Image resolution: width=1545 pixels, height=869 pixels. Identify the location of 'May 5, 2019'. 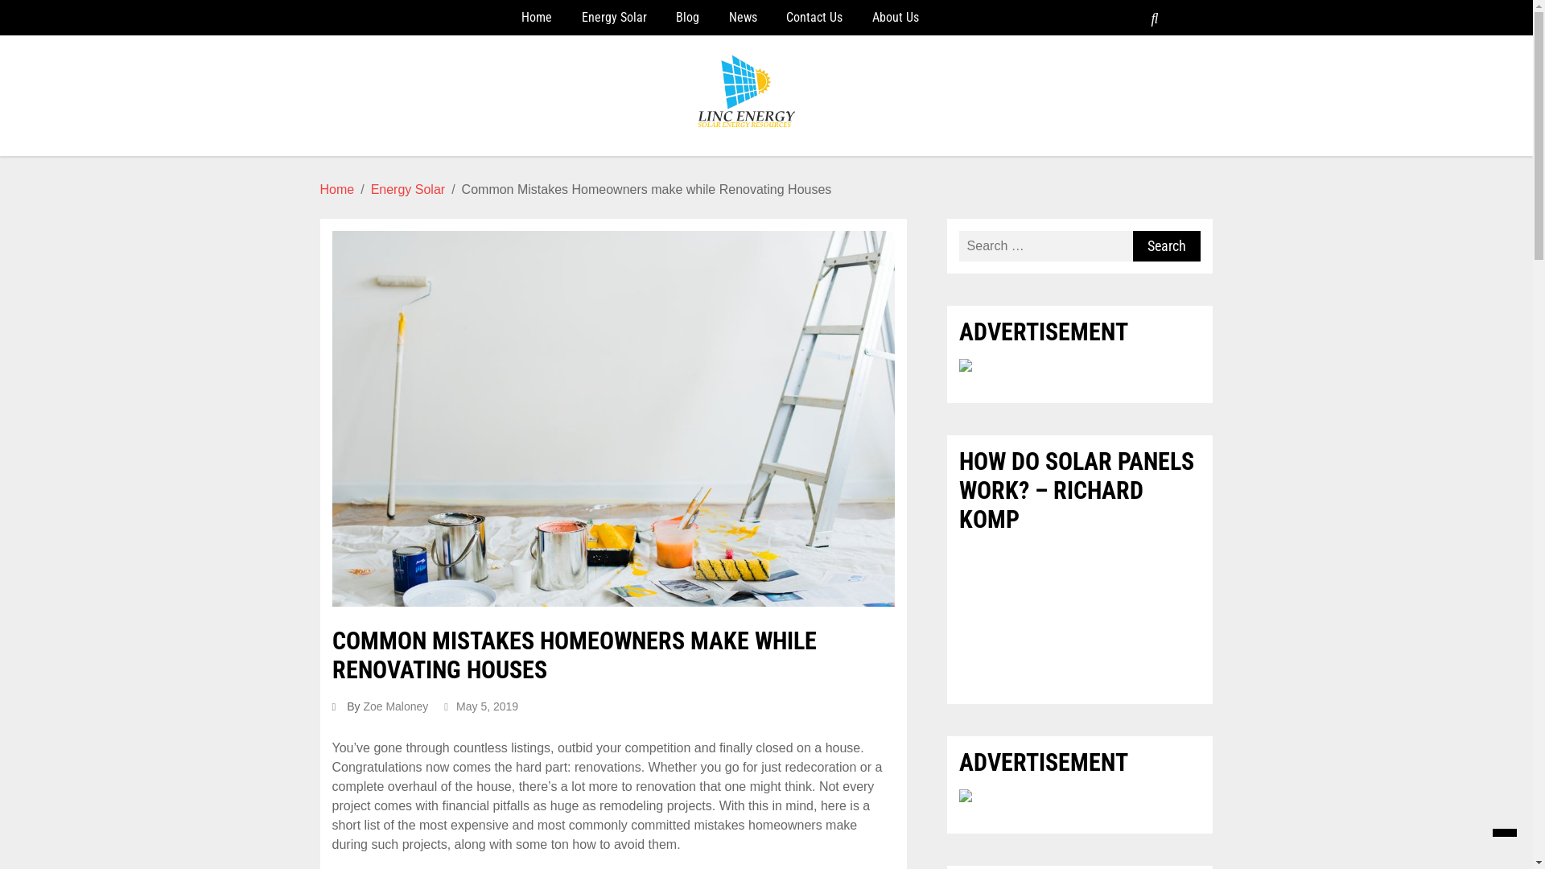
(480, 706).